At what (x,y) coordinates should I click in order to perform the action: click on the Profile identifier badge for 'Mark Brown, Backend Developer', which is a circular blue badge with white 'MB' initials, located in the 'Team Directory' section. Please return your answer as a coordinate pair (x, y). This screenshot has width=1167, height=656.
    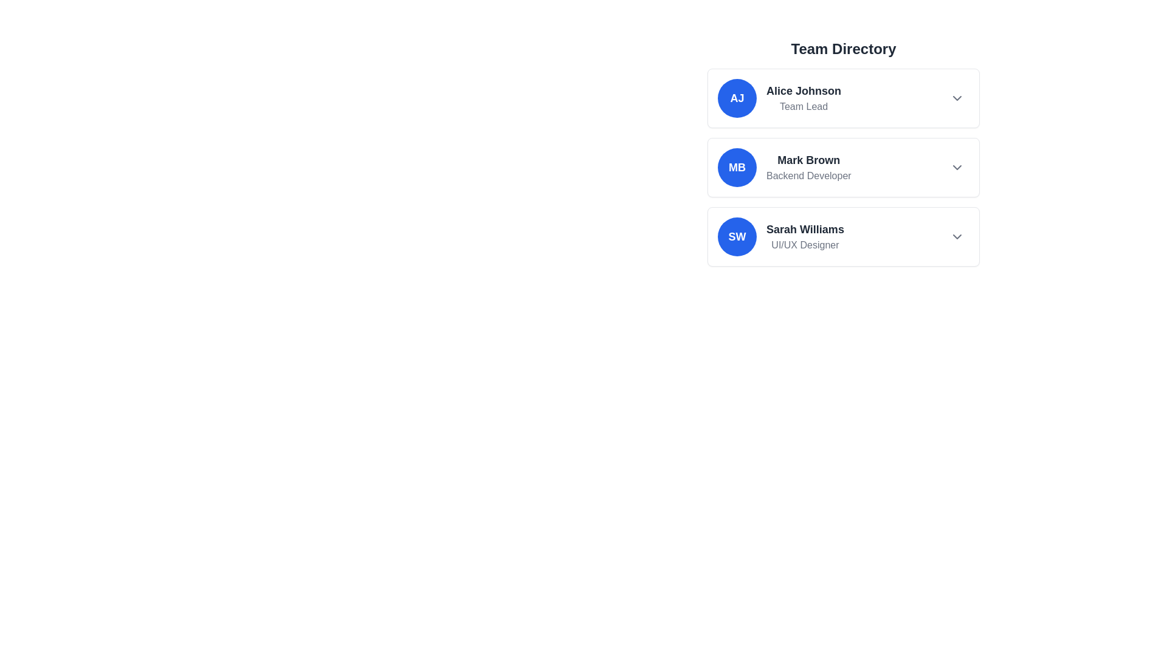
    Looking at the image, I should click on (737, 168).